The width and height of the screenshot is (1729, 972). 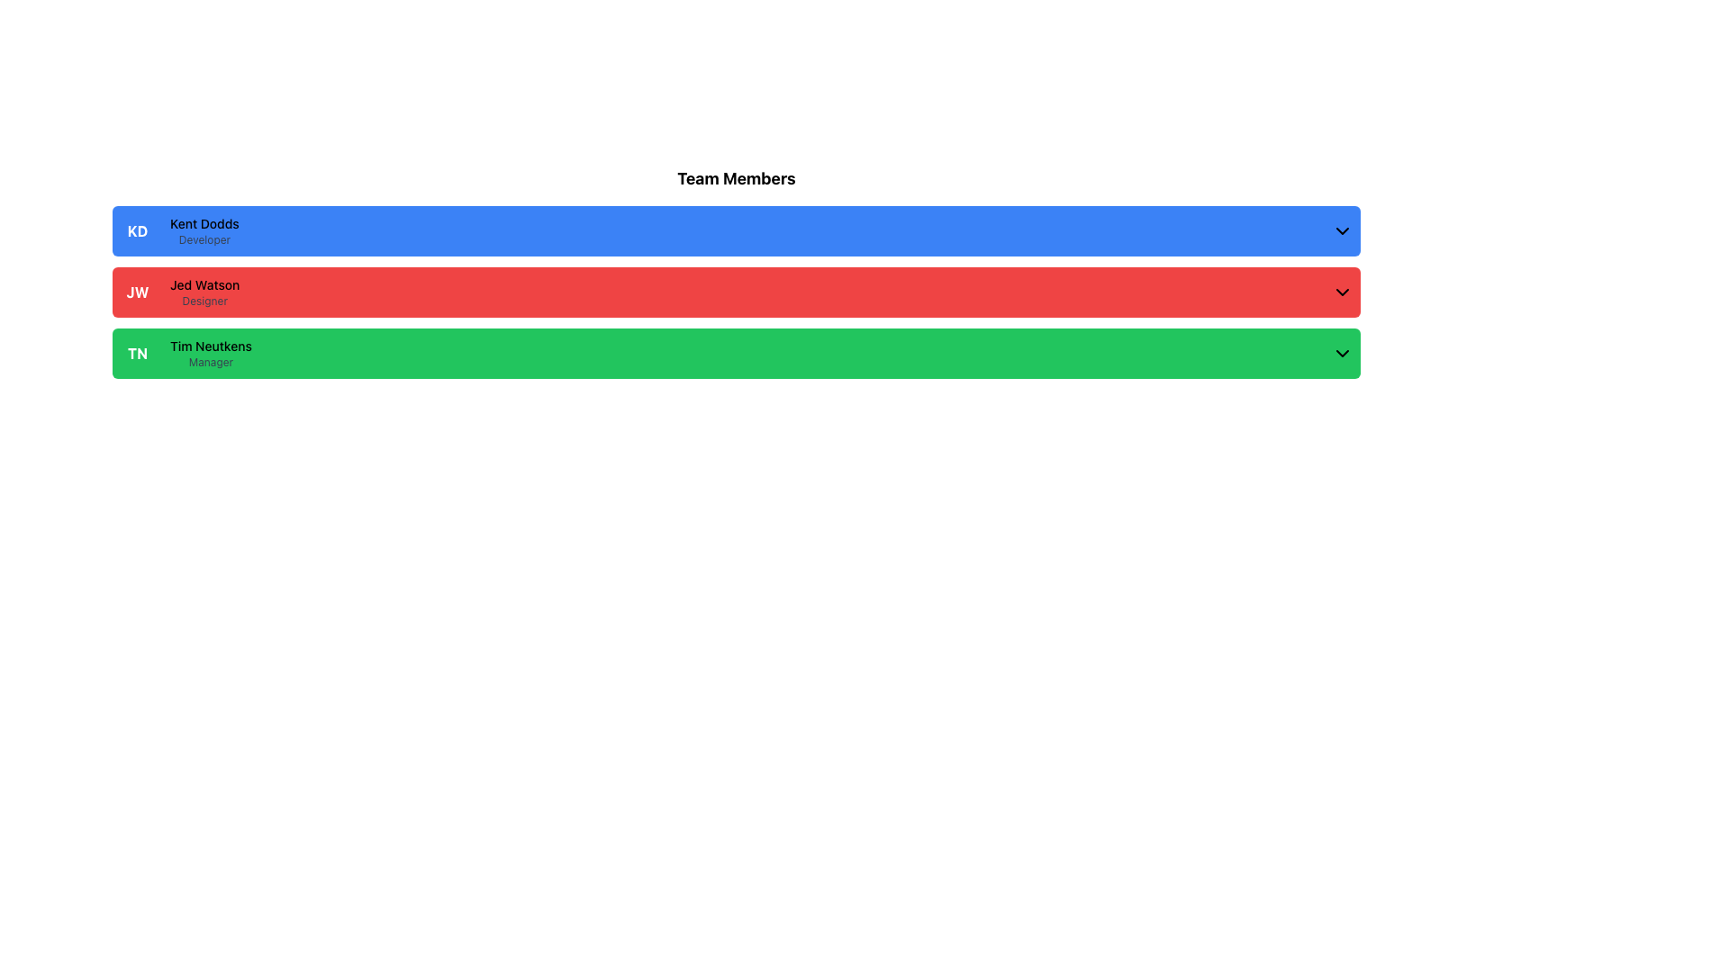 I want to click on text label displaying 'Manager' located below 'Tim Neutkens' in the green-colored section, so click(x=211, y=362).